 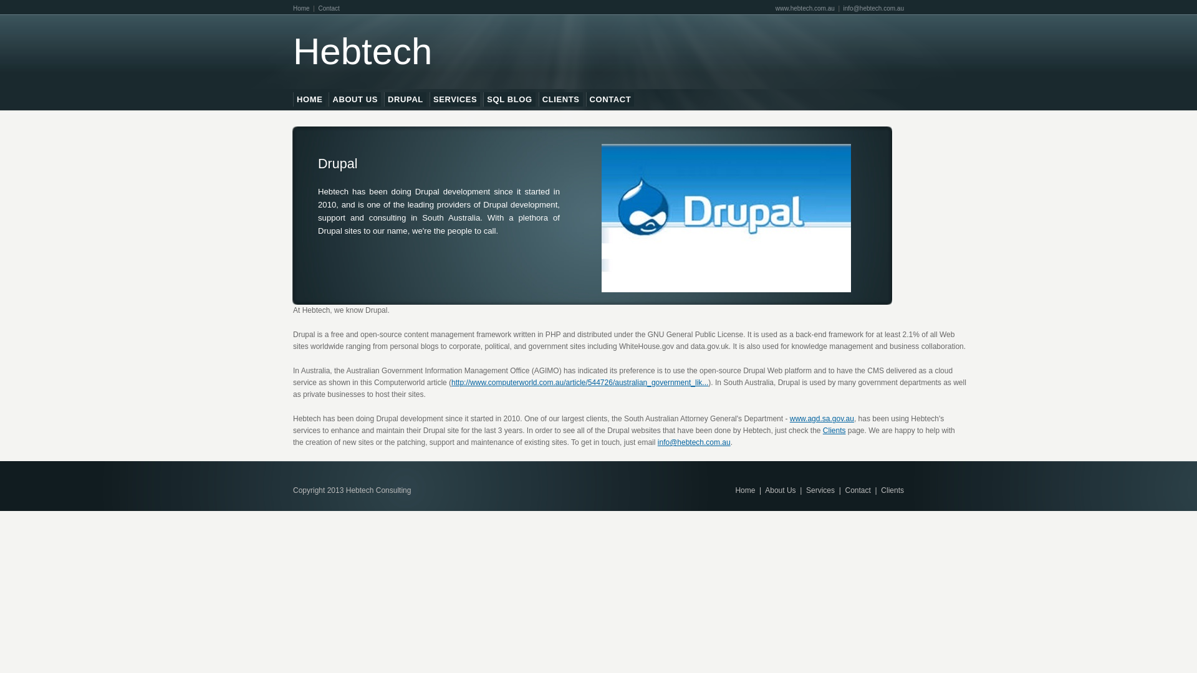 What do you see at coordinates (834, 429) in the screenshot?
I see `'Clients'` at bounding box center [834, 429].